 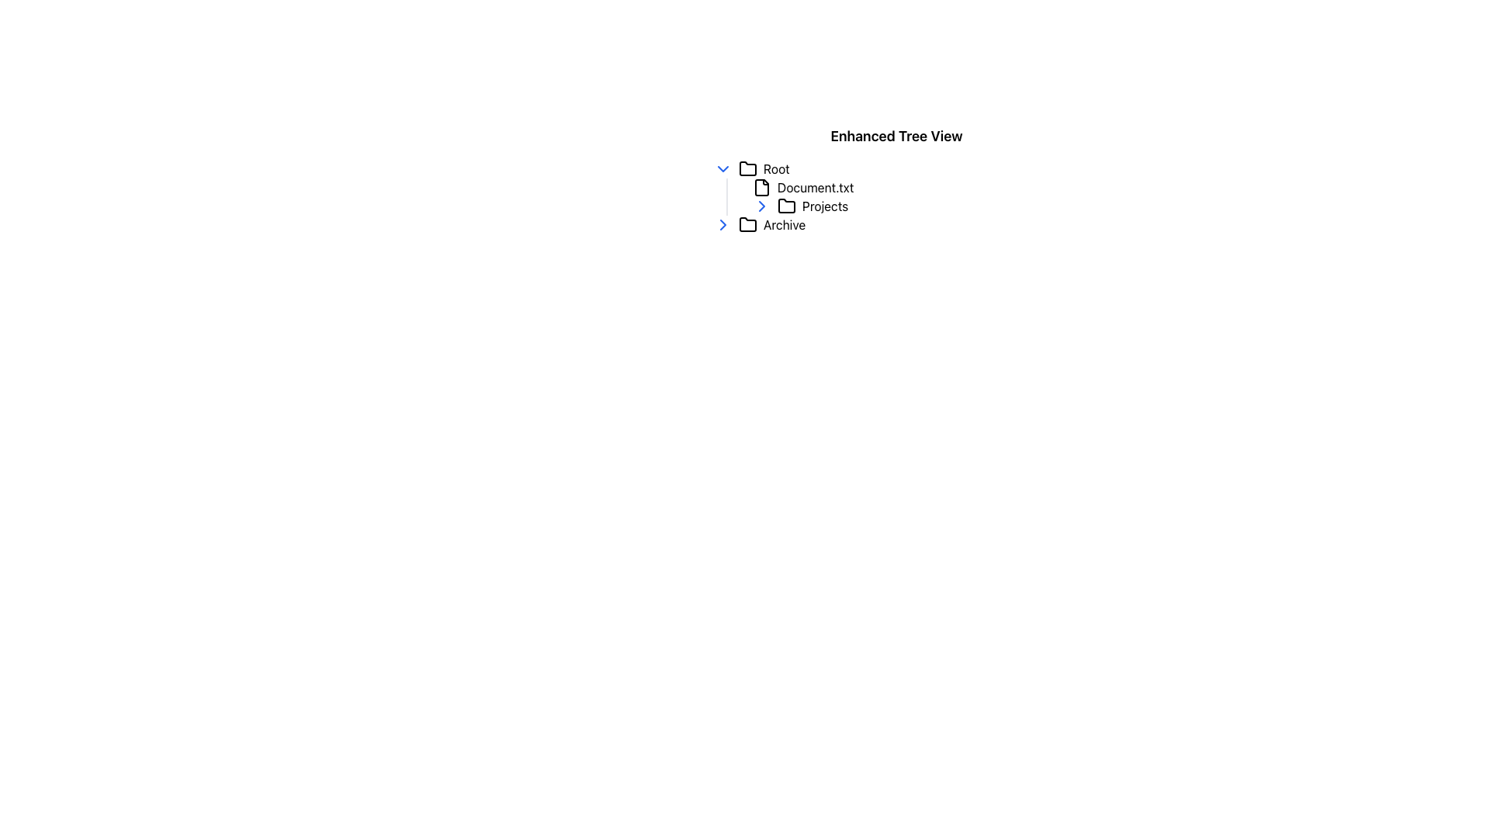 I want to click on the chevron icon, so click(x=722, y=169).